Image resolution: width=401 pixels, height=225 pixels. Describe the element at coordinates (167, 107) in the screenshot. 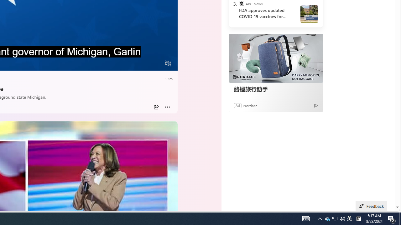

I see `'More'` at that location.